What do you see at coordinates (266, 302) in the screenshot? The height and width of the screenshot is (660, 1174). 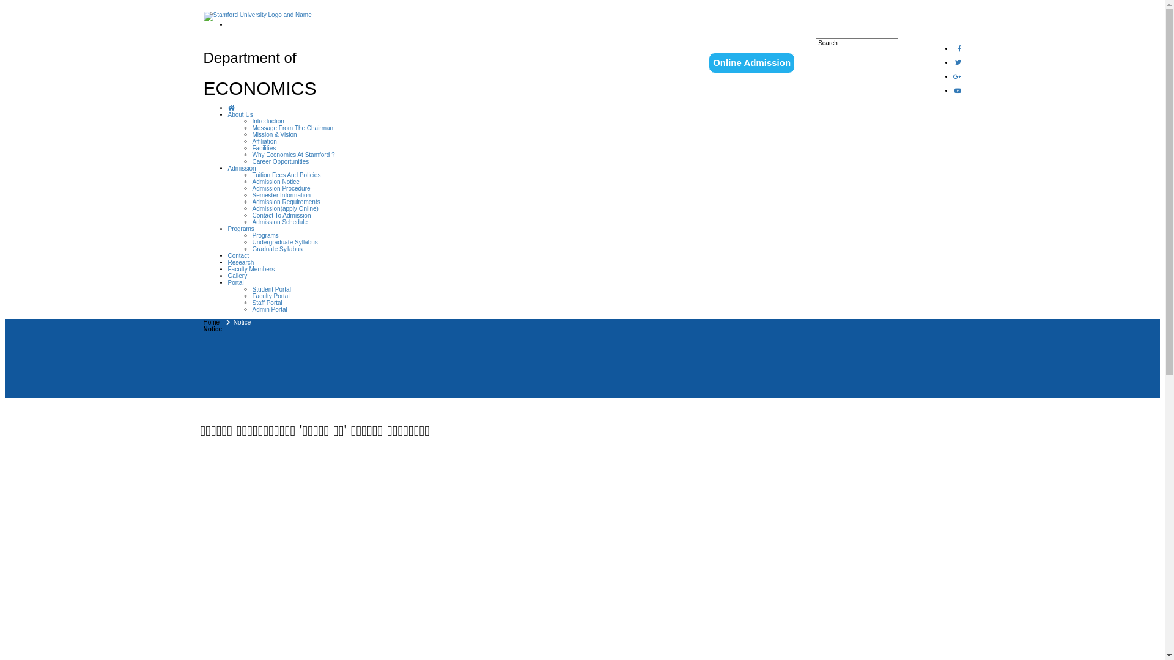 I see `'Staff Portal'` at bounding box center [266, 302].